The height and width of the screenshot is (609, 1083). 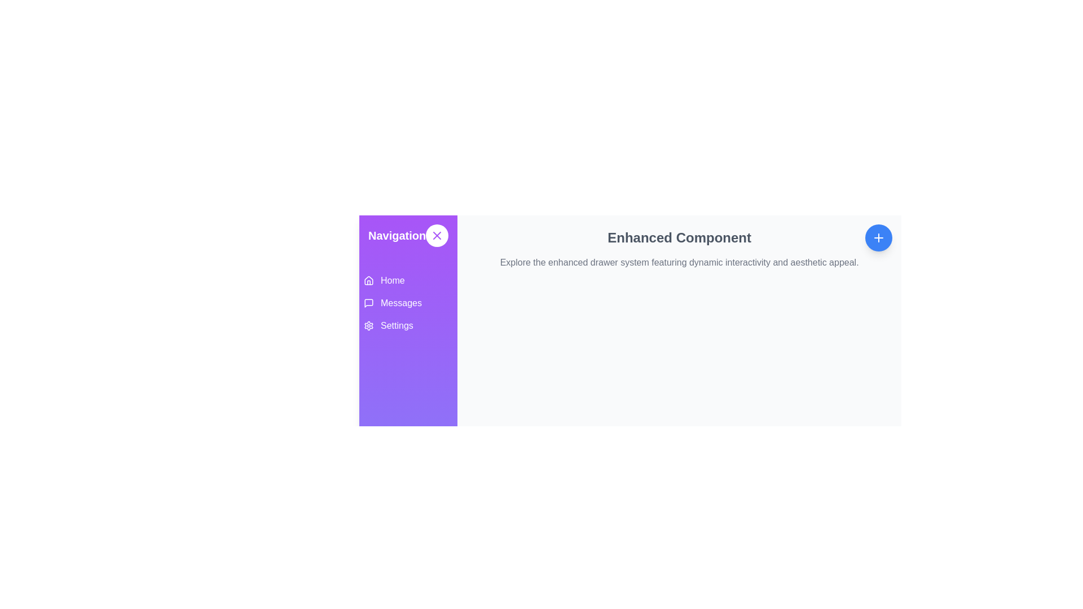 I want to click on the 'Settings' text label in the vertical sidebar menu, so click(x=397, y=326).